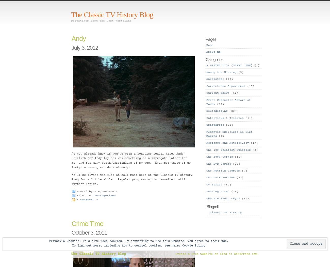 This screenshot has height=267, width=330. What do you see at coordinates (206, 65) in the screenshot?
I see `'A MASTER LIST (START HERE)'` at bounding box center [206, 65].